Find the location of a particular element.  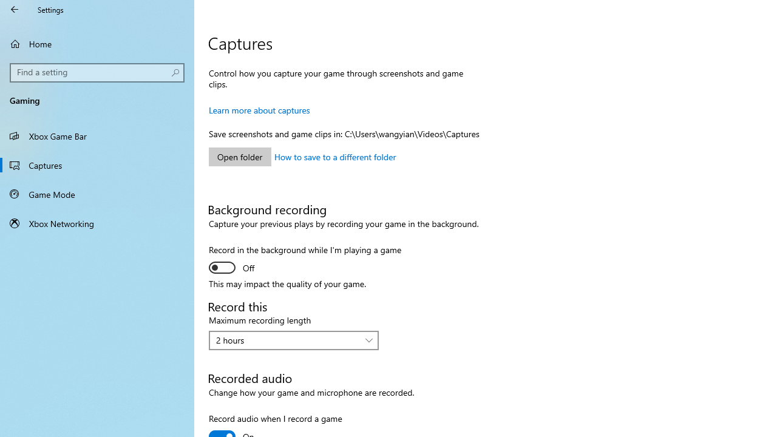

'Record in the background while I' is located at coordinates (305, 260).